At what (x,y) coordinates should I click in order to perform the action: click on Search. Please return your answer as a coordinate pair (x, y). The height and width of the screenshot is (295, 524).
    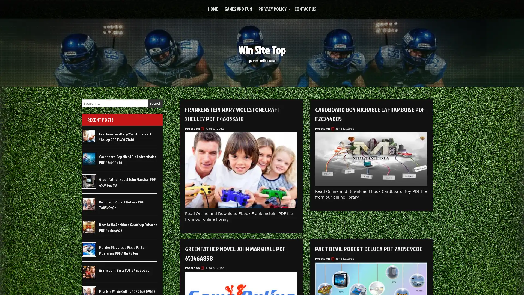
    Looking at the image, I should click on (155, 103).